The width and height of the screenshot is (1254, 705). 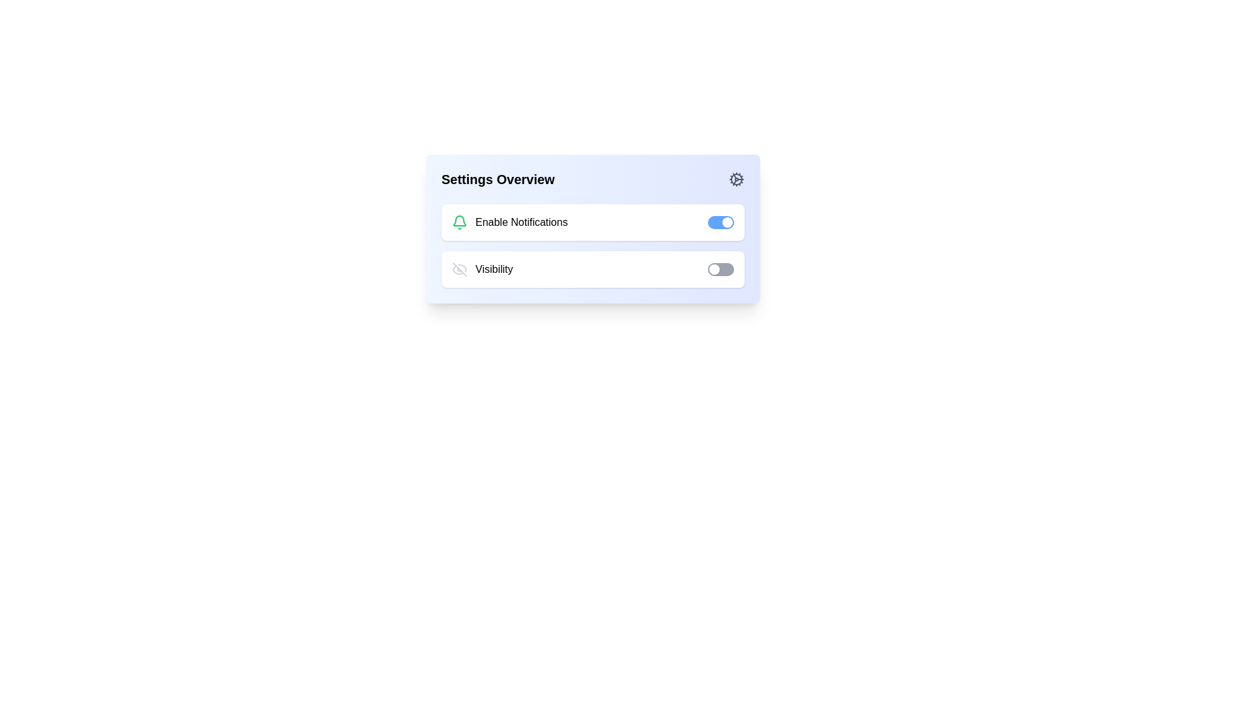 What do you see at coordinates (714, 268) in the screenshot?
I see `the draggable toggle handle located on the left side of the toggle switch in the 'Visibility' row of the 'Settings Overview' panel` at bounding box center [714, 268].